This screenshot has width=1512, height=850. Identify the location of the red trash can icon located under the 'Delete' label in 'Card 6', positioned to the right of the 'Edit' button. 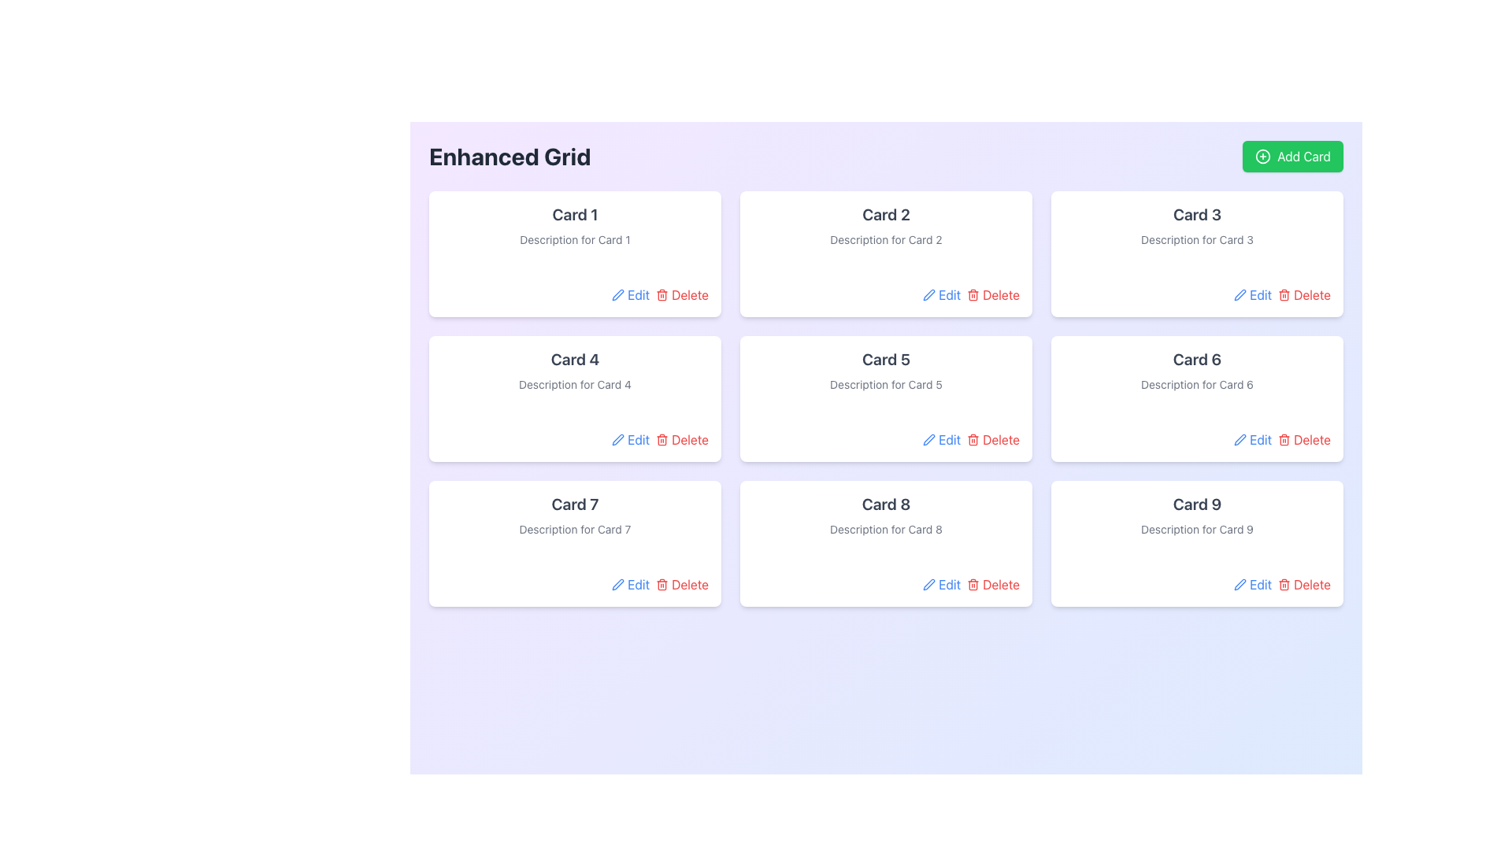
(1284, 440).